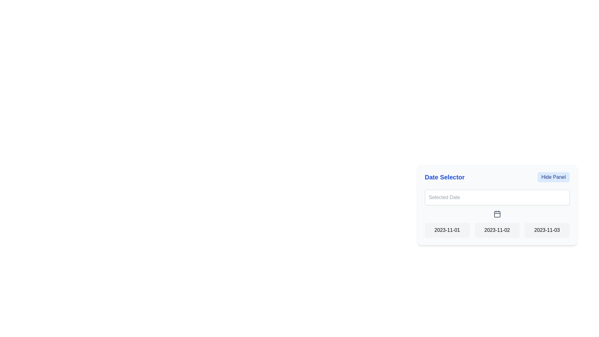 This screenshot has height=337, width=599. I want to click on the button representing the date '2023-11-02', so click(497, 230).